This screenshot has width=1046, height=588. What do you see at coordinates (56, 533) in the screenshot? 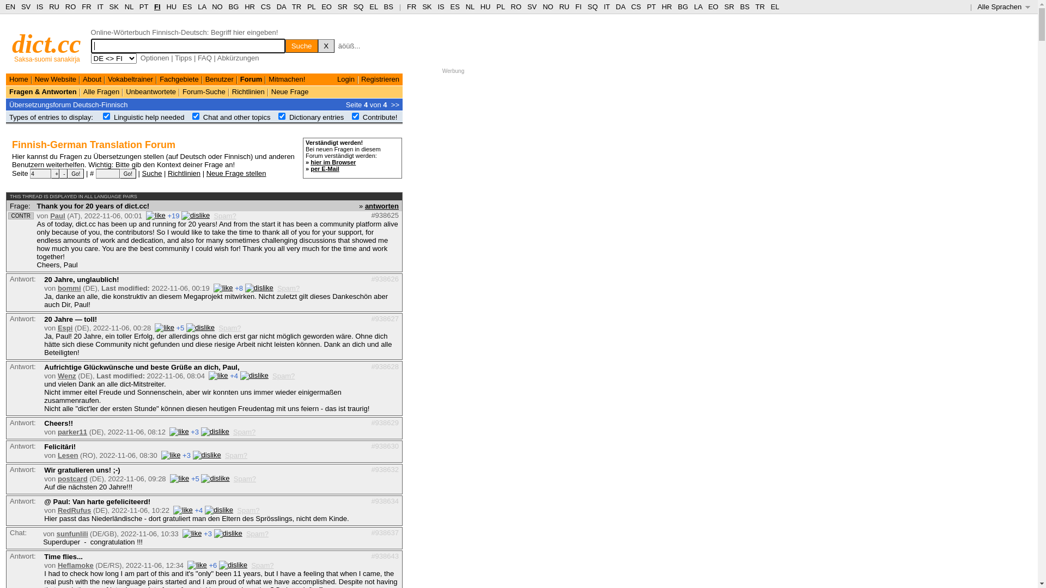
I see `'sunfunlili'` at bounding box center [56, 533].